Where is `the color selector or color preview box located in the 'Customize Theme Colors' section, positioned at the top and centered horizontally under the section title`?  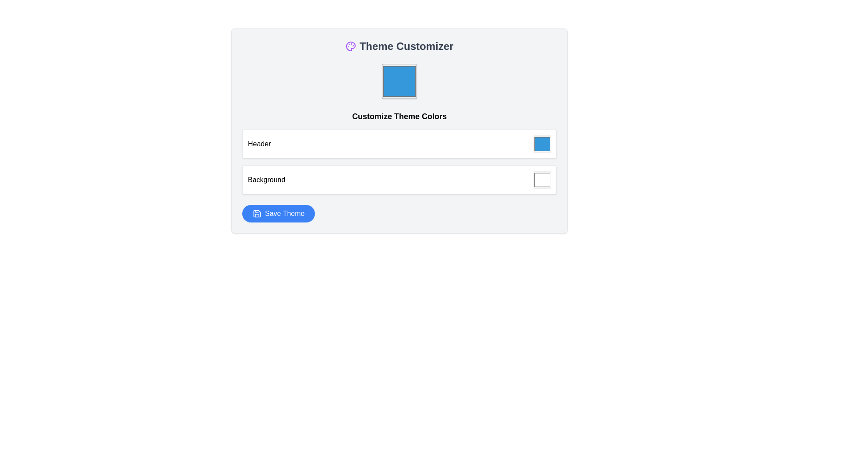
the color selector or color preview box located in the 'Customize Theme Colors' section, positioned at the top and centered horizontally under the section title is located at coordinates (399, 81).